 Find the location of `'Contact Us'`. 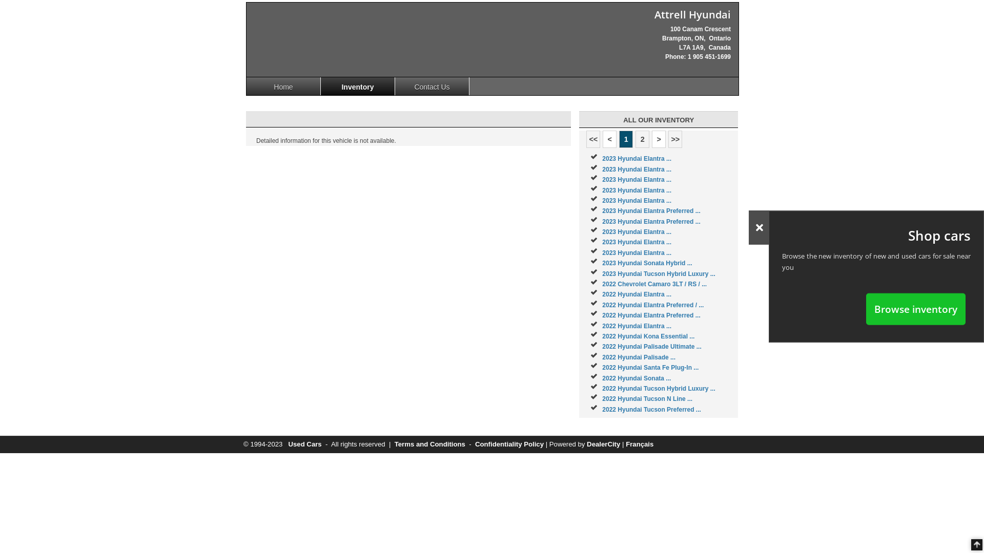

'Contact Us' is located at coordinates (432, 86).